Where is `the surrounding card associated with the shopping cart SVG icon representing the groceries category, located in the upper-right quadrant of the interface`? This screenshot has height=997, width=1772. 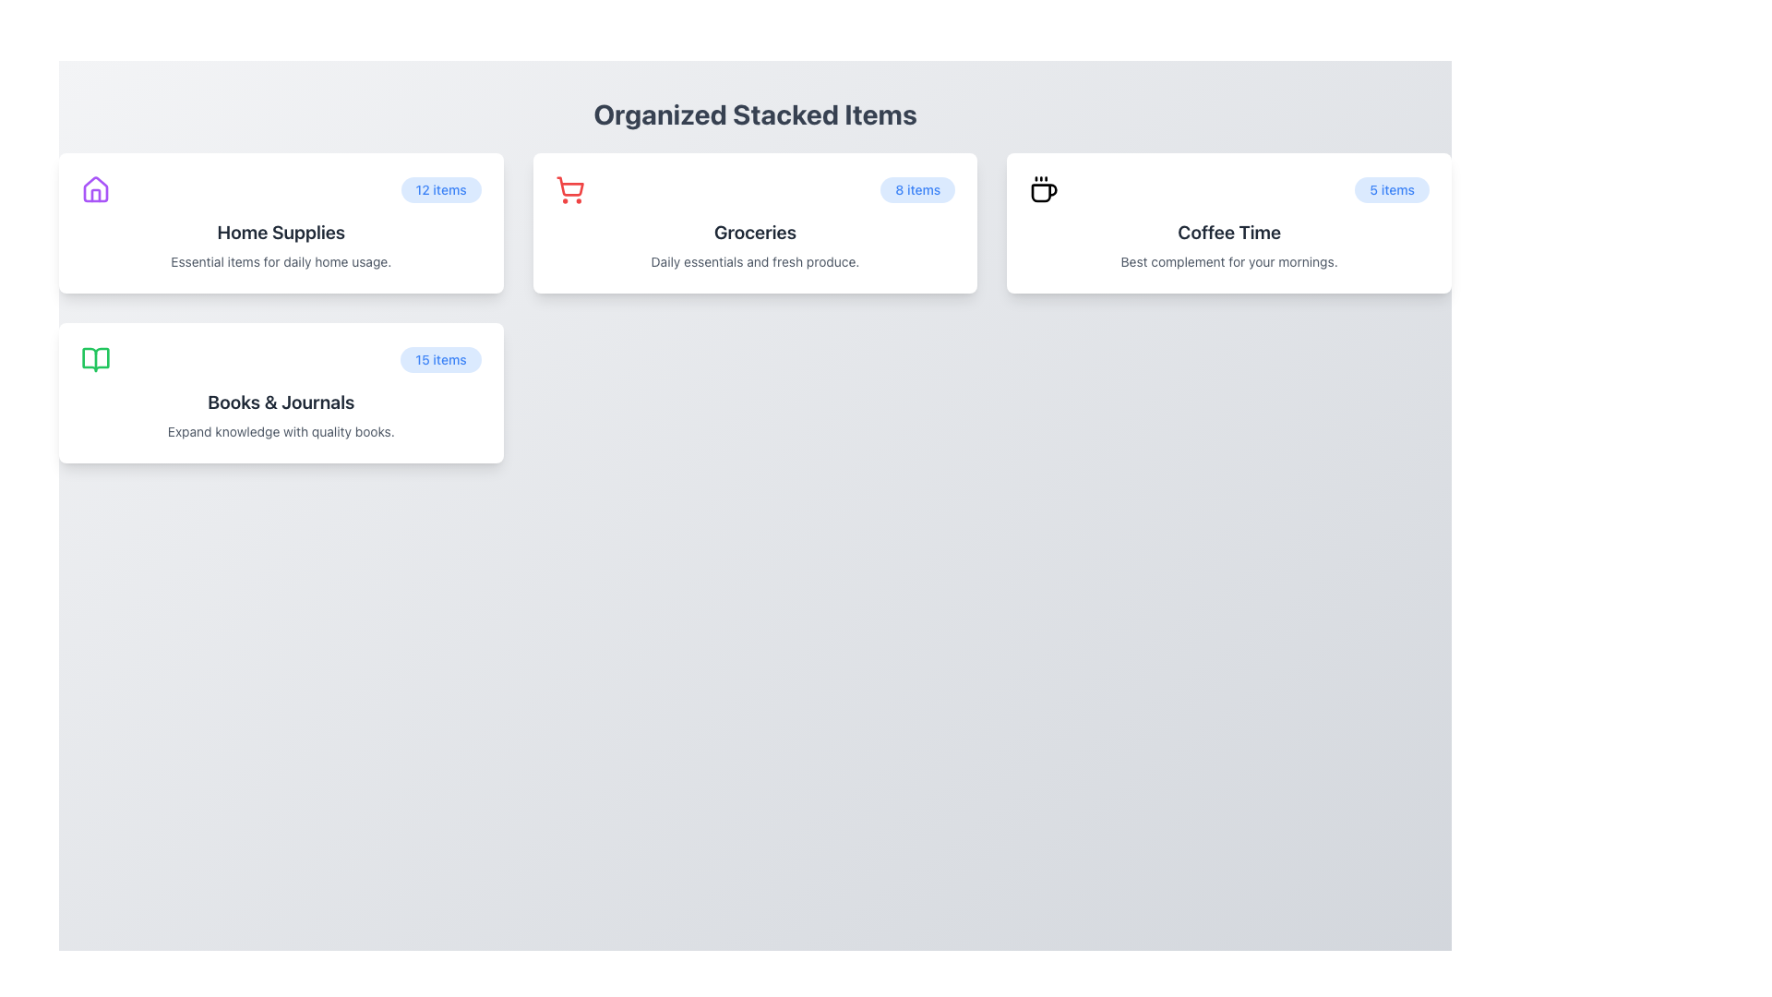 the surrounding card associated with the shopping cart SVG icon representing the groceries category, located in the upper-right quadrant of the interface is located at coordinates (569, 186).